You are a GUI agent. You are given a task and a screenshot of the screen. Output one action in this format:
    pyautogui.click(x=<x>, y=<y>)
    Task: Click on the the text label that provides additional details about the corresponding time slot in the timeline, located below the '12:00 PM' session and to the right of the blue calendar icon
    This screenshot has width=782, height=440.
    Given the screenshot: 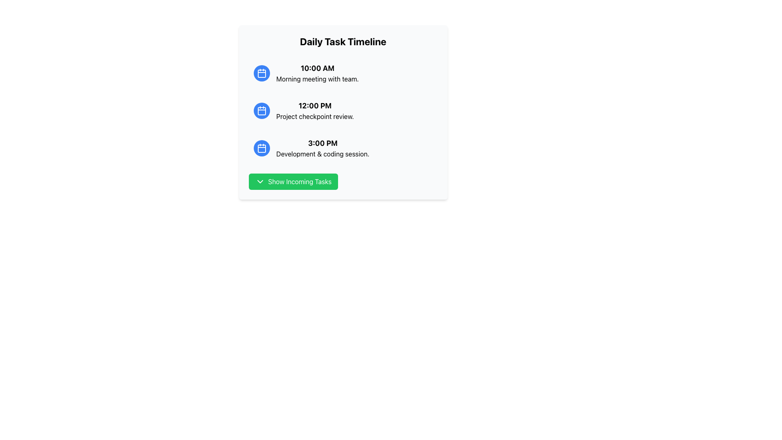 What is the action you would take?
    pyautogui.click(x=322, y=154)
    